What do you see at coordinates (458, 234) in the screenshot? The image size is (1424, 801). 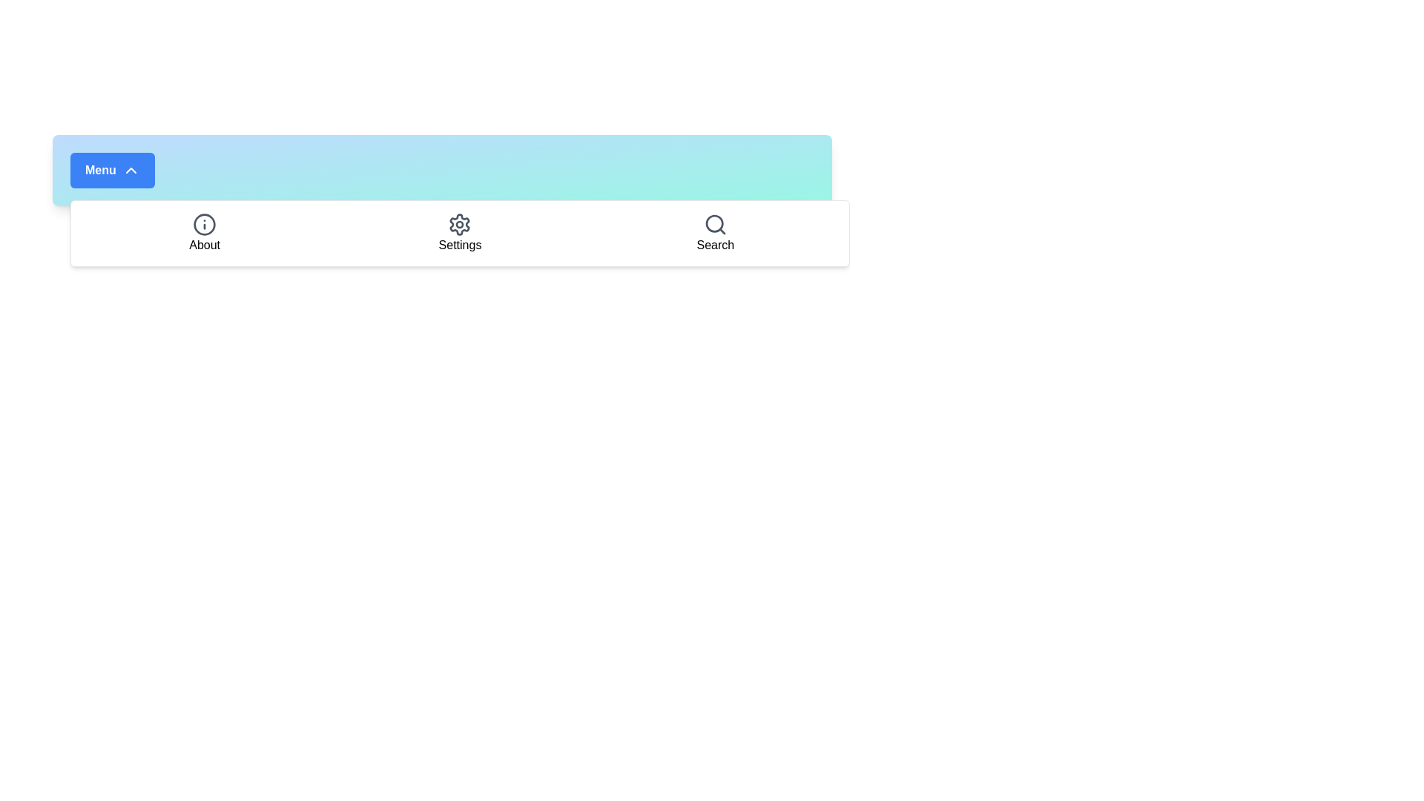 I see `the 'Settings' menu item` at bounding box center [458, 234].